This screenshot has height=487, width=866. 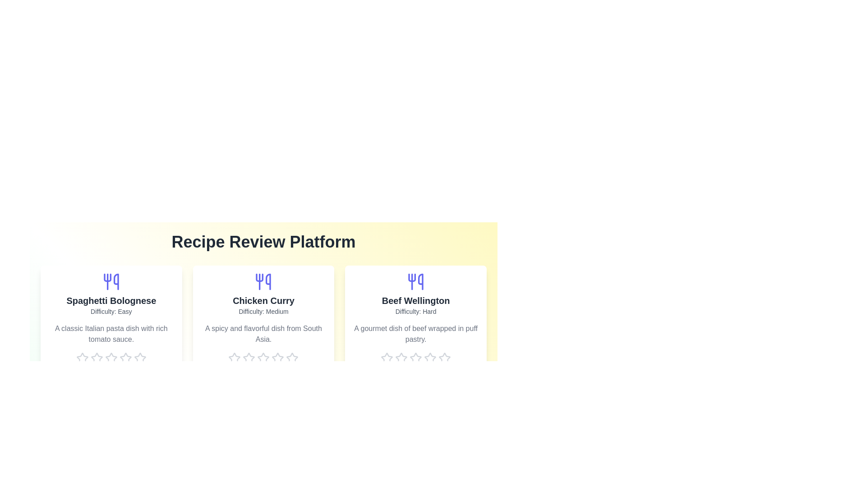 I want to click on the recipe card for Beef Wellington, so click(x=415, y=326).